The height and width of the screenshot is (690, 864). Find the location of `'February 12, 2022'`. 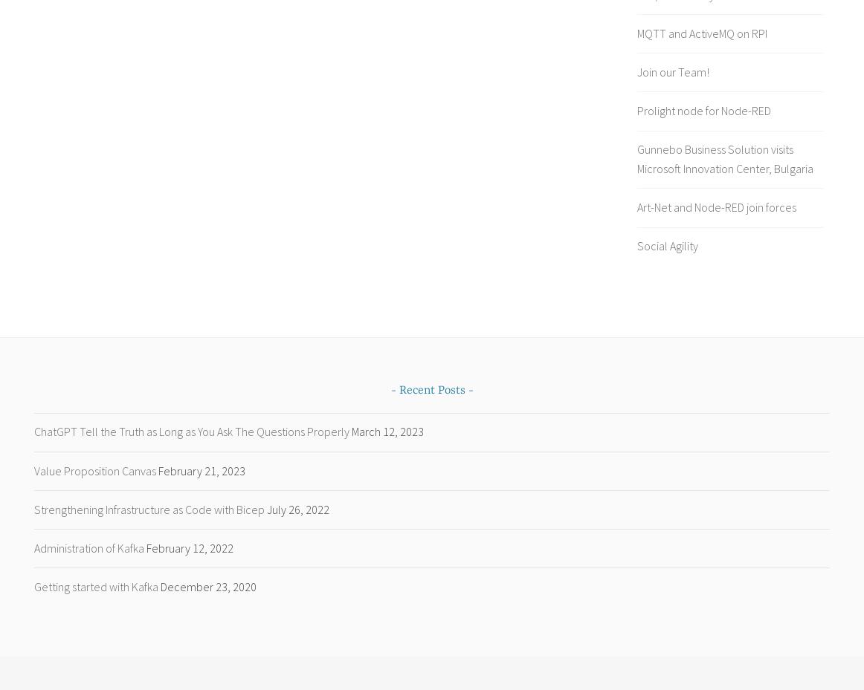

'February 12, 2022' is located at coordinates (190, 547).